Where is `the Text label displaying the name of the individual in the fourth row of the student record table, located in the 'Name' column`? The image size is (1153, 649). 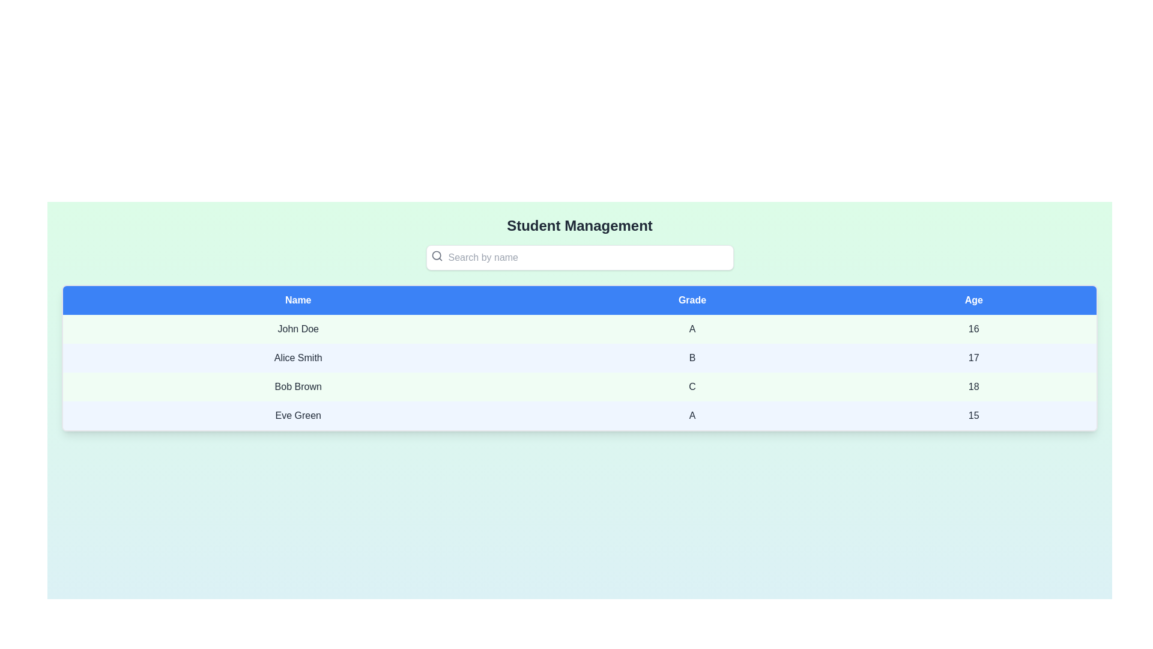
the Text label displaying the name of the individual in the fourth row of the student record table, located in the 'Name' column is located at coordinates (298, 415).